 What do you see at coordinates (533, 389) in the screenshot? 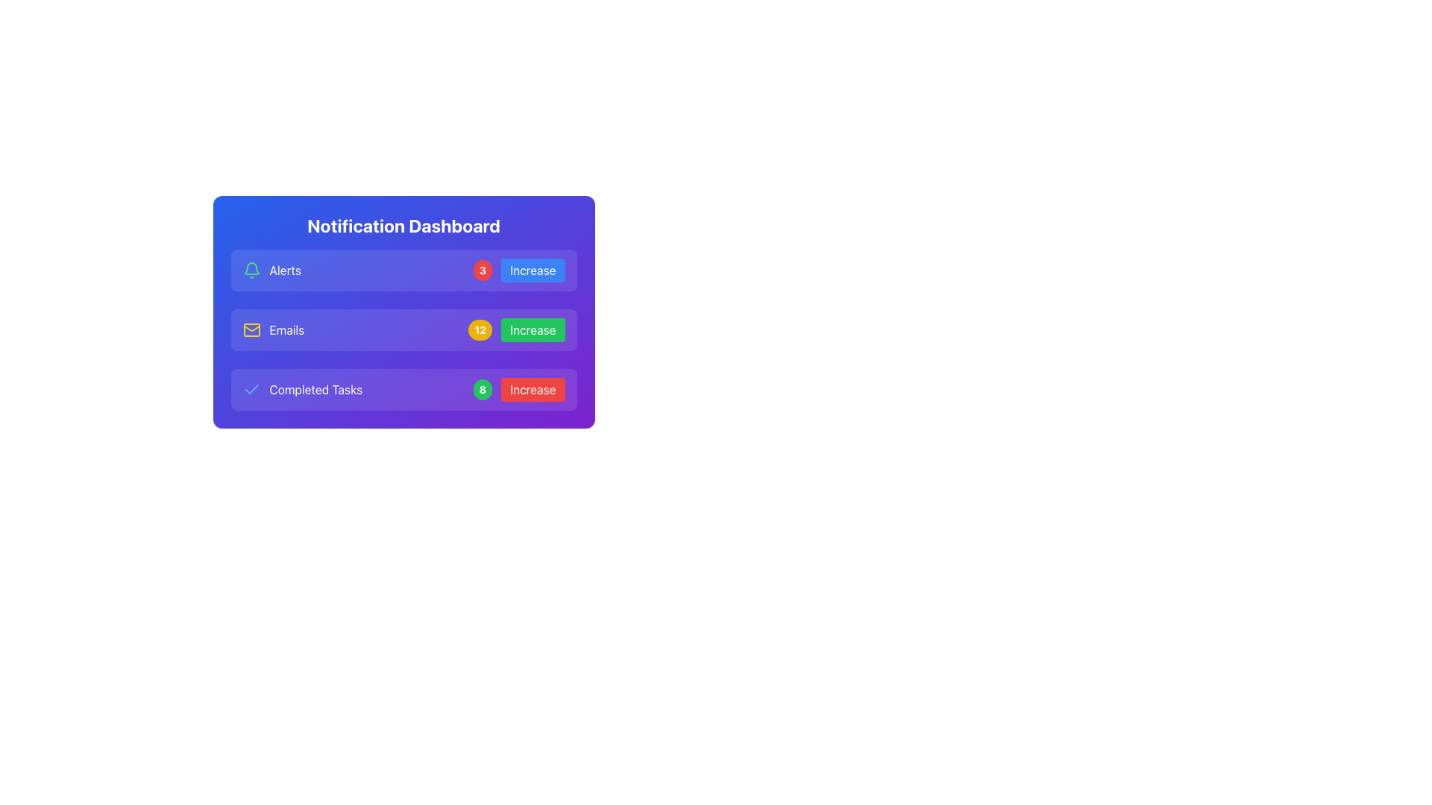
I see `the button located in the bottom section of the 'Completed Tasks' panel in the 'Notification Dashboard' to change its color` at bounding box center [533, 389].